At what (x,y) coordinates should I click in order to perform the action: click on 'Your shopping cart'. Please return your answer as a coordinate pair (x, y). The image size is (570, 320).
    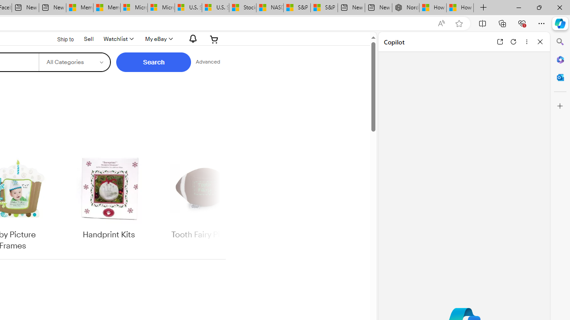
    Looking at the image, I should click on (214, 39).